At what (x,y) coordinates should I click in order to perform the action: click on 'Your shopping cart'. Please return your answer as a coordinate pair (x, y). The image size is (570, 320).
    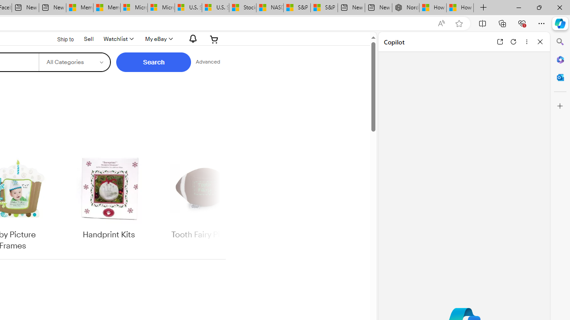
    Looking at the image, I should click on (214, 39).